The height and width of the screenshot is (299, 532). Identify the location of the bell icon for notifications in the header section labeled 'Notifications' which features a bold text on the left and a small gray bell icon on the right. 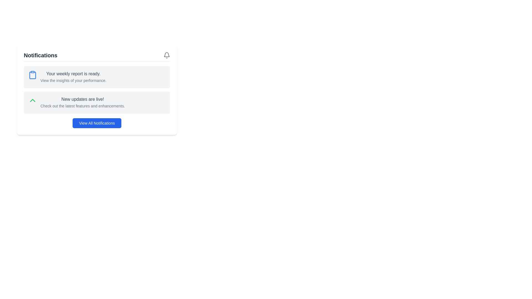
(97, 56).